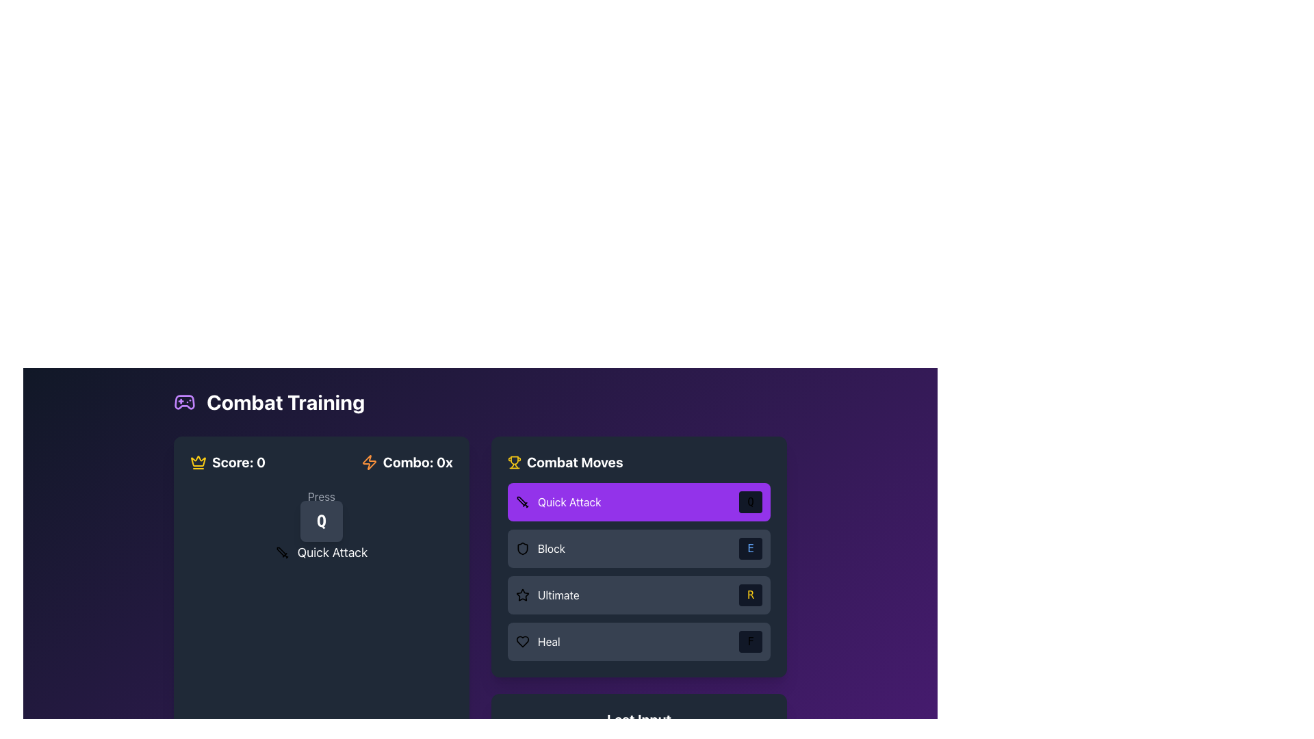 The width and height of the screenshot is (1314, 739). I want to click on the 'Quick Attack' text label located in the lower portion of the left-side interface panel labeled 'Combat Training', positioned directly below the button labeled 'Q', so click(321, 552).